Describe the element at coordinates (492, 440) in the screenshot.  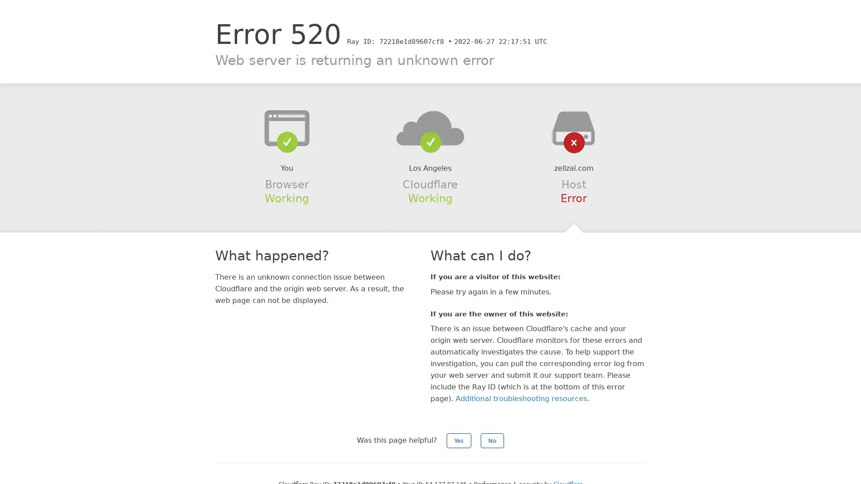
I see `No` at that location.